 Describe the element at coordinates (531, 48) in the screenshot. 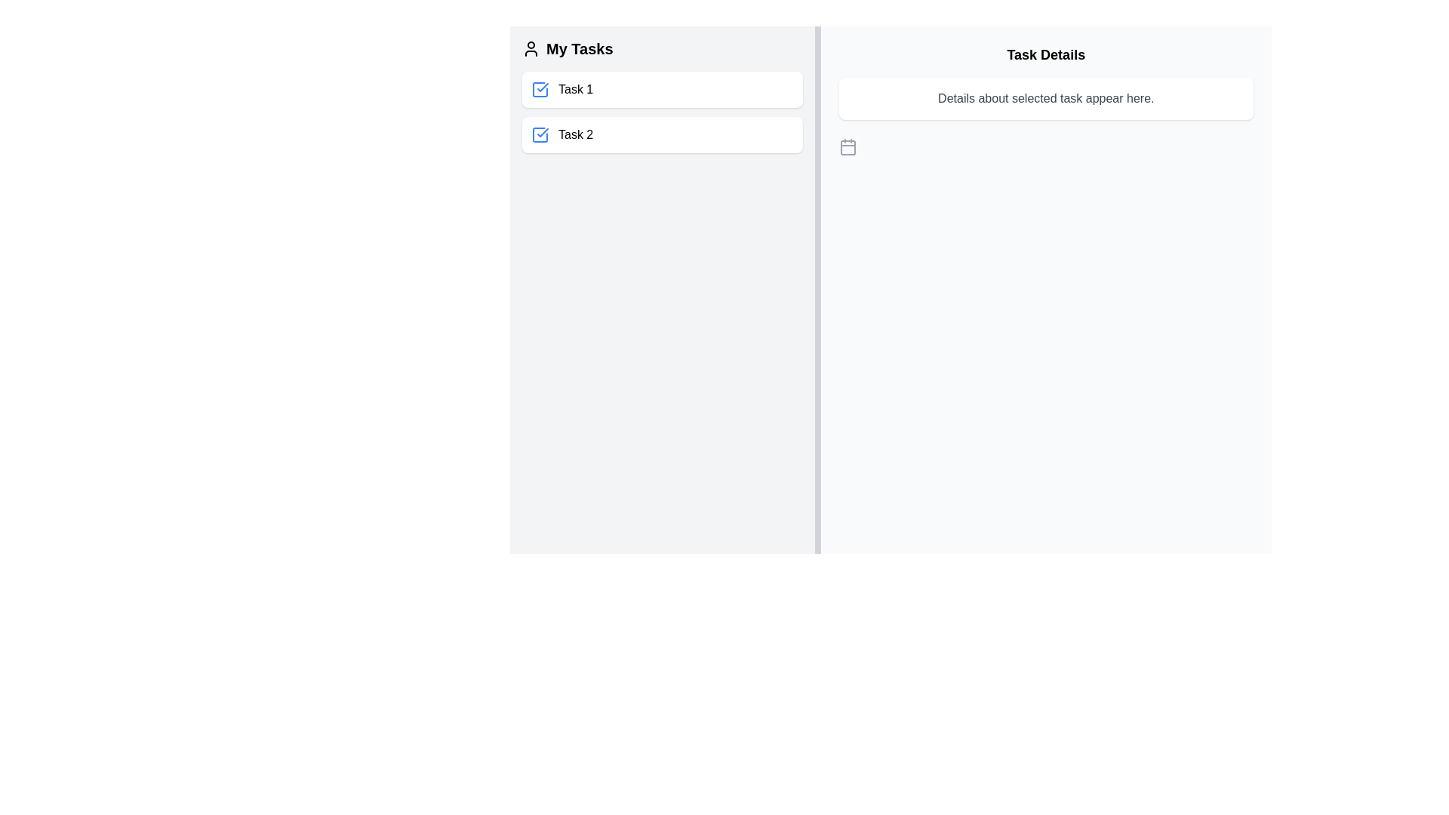

I see `the user concept or profile section indicator icon located in the top left sidebar, adjacent to the 'My Tasks' heading` at that location.